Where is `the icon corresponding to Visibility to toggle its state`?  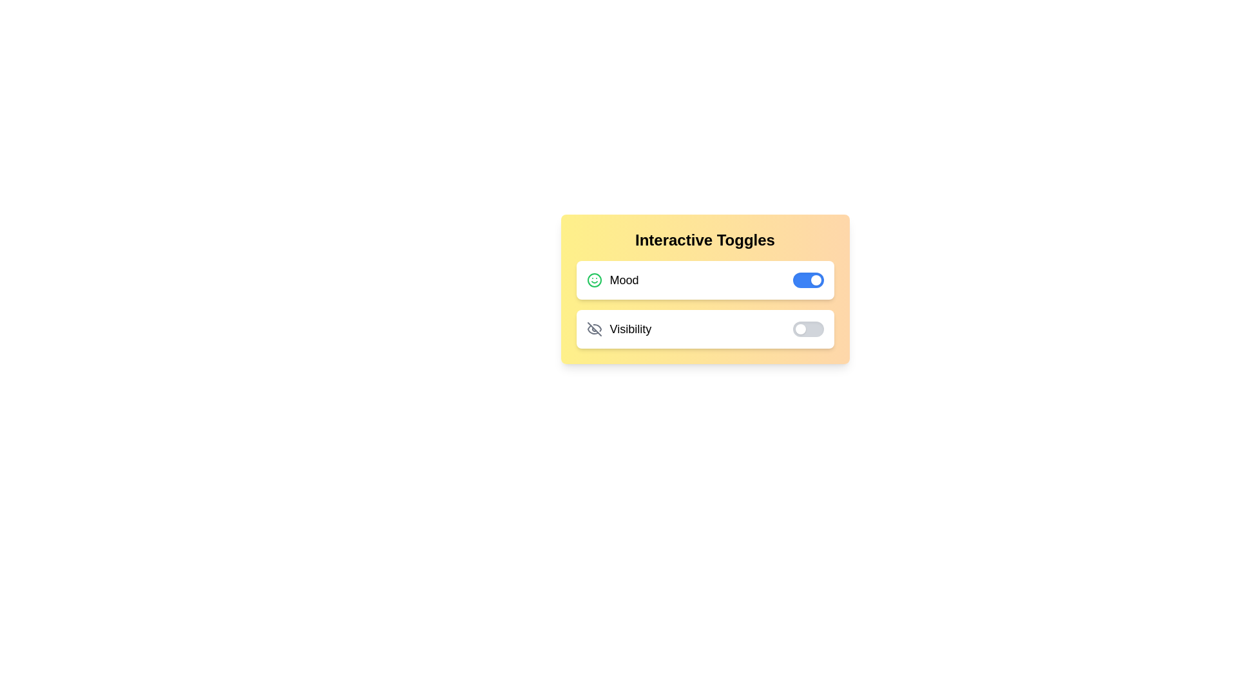
the icon corresponding to Visibility to toggle its state is located at coordinates (593, 328).